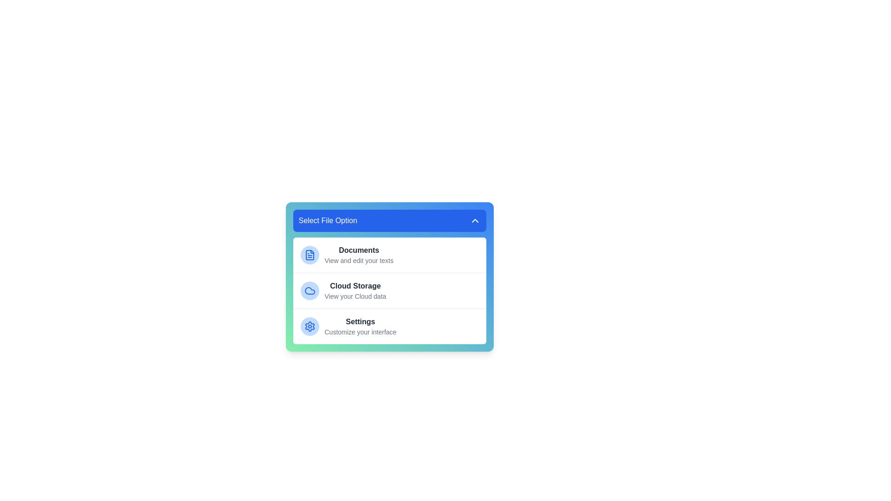  I want to click on text label that says 'Customize your interface', which is located beneath the 'Settings' text in the lower-right section of the interface, so click(360, 332).